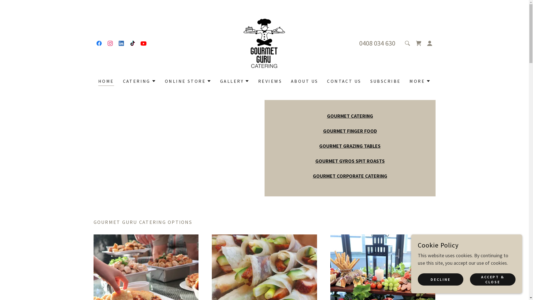 The image size is (533, 300). I want to click on 'ONLINE STORE', so click(165, 81).